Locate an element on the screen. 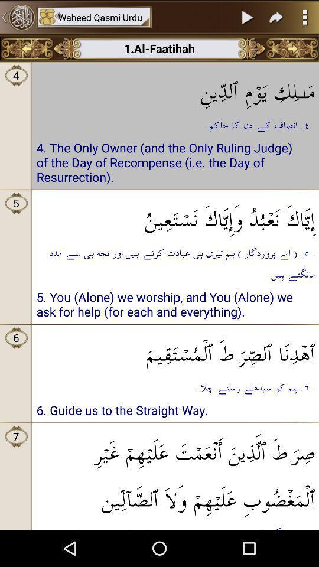 The height and width of the screenshot is (567, 319). option is located at coordinates (248, 17).